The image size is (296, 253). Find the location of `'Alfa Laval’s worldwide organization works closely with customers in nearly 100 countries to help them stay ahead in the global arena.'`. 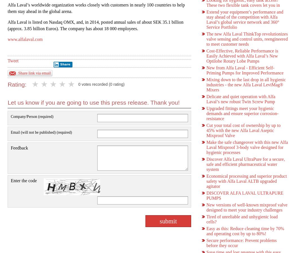

'Alfa Laval’s worldwide organization works closely with customers in nearly 100 countries to help them stay ahead in the global arena.' is located at coordinates (96, 8).